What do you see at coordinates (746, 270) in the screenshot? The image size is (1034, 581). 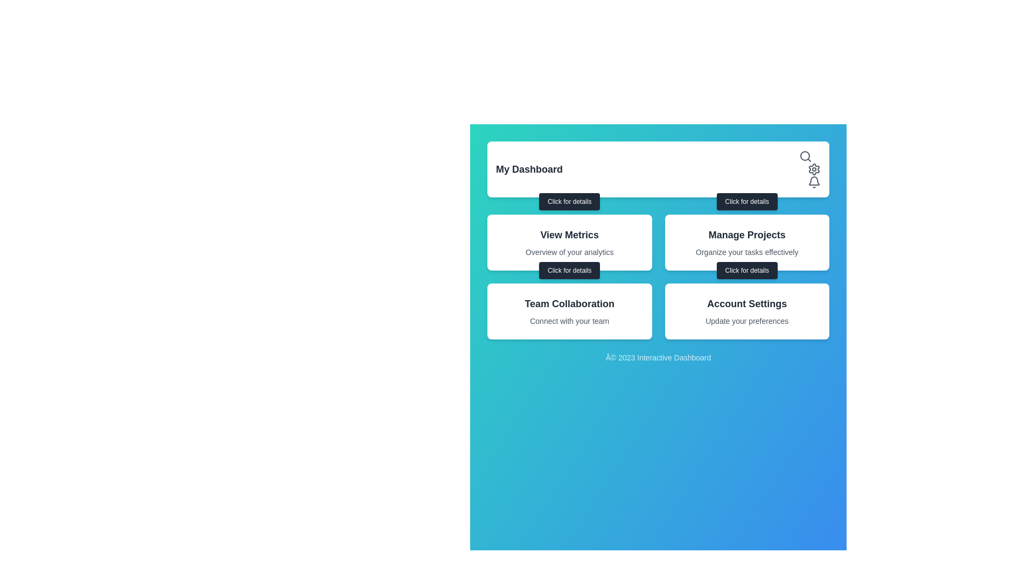 I see `the Informational tooltip located above the 'Account Settings' section in the bottom-right of the main interface, which provides supplementary information for users` at bounding box center [746, 270].